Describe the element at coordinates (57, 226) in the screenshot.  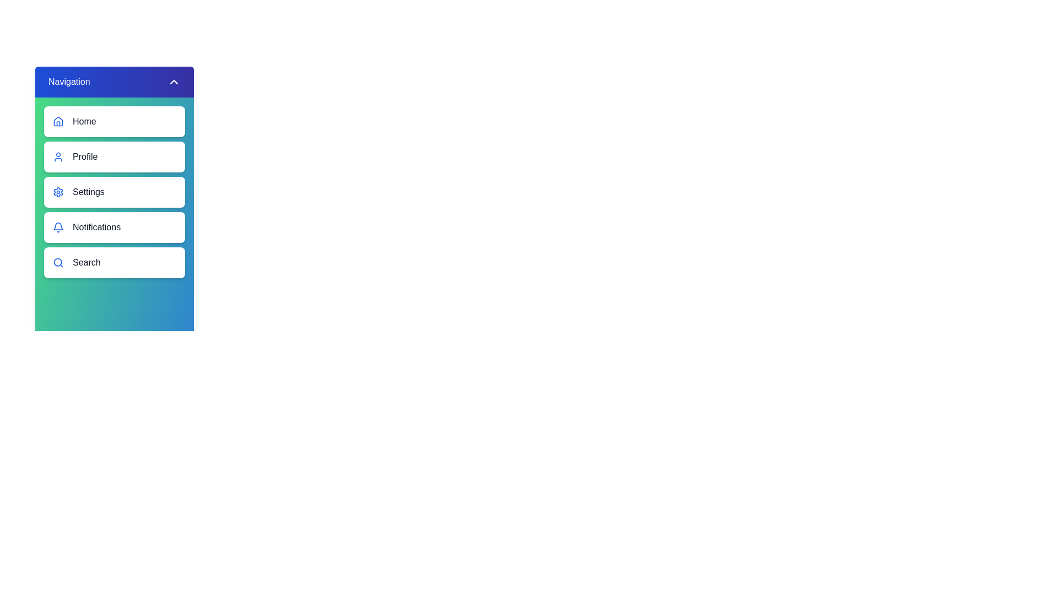
I see `the blue notification bell icon located in the vertical navigation menu next to the 'Notifications' label` at that location.